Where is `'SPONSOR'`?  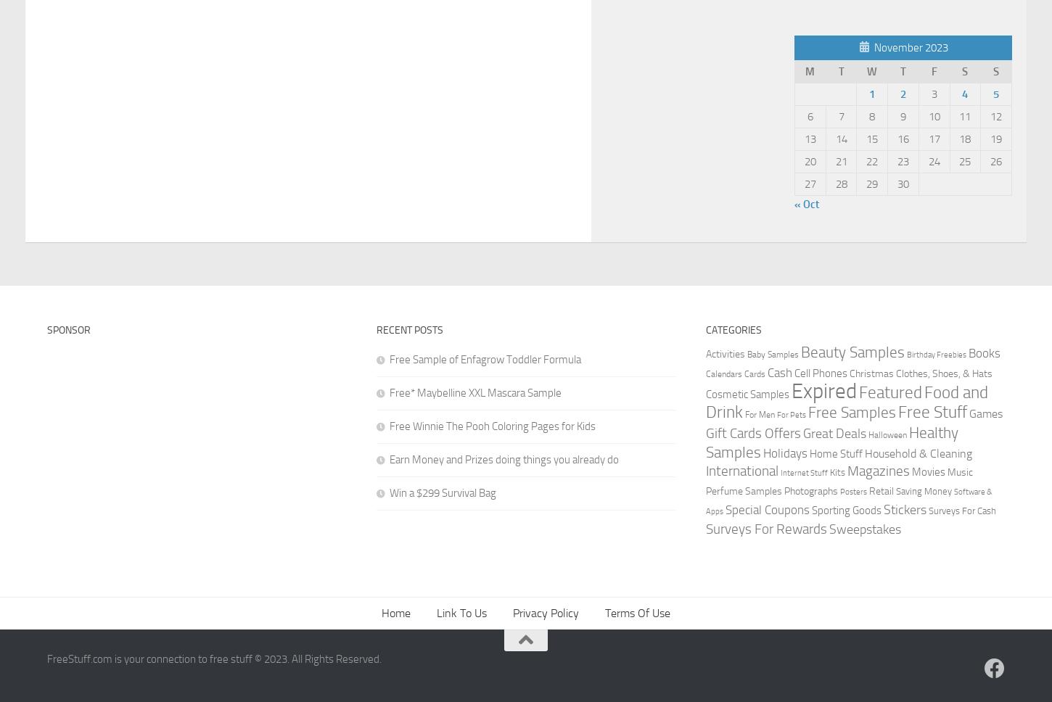 'SPONSOR' is located at coordinates (68, 329).